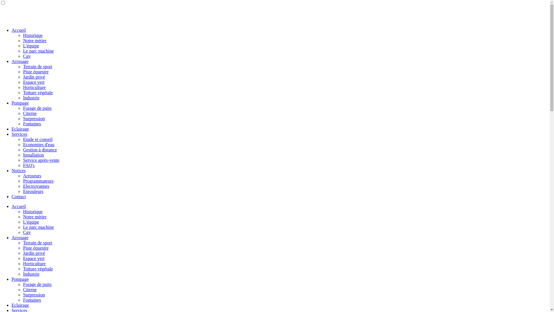 This screenshot has width=554, height=312. Describe the element at coordinates (37, 243) in the screenshot. I see `'Terrain de sport'` at that location.